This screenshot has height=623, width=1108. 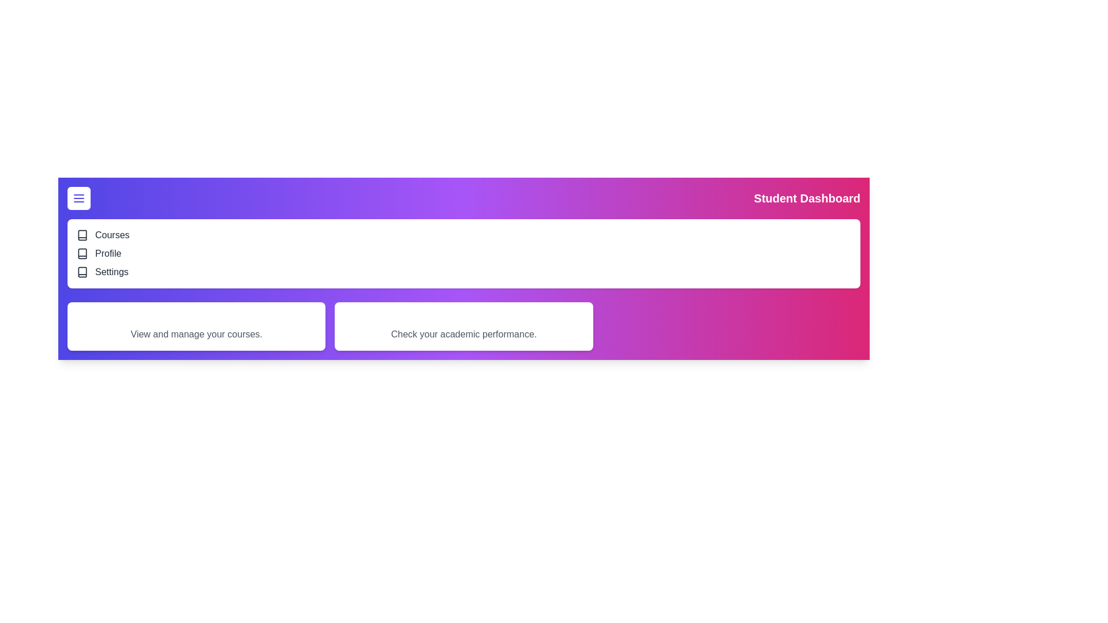 I want to click on the navigation item Profile from the list, so click(x=85, y=253).